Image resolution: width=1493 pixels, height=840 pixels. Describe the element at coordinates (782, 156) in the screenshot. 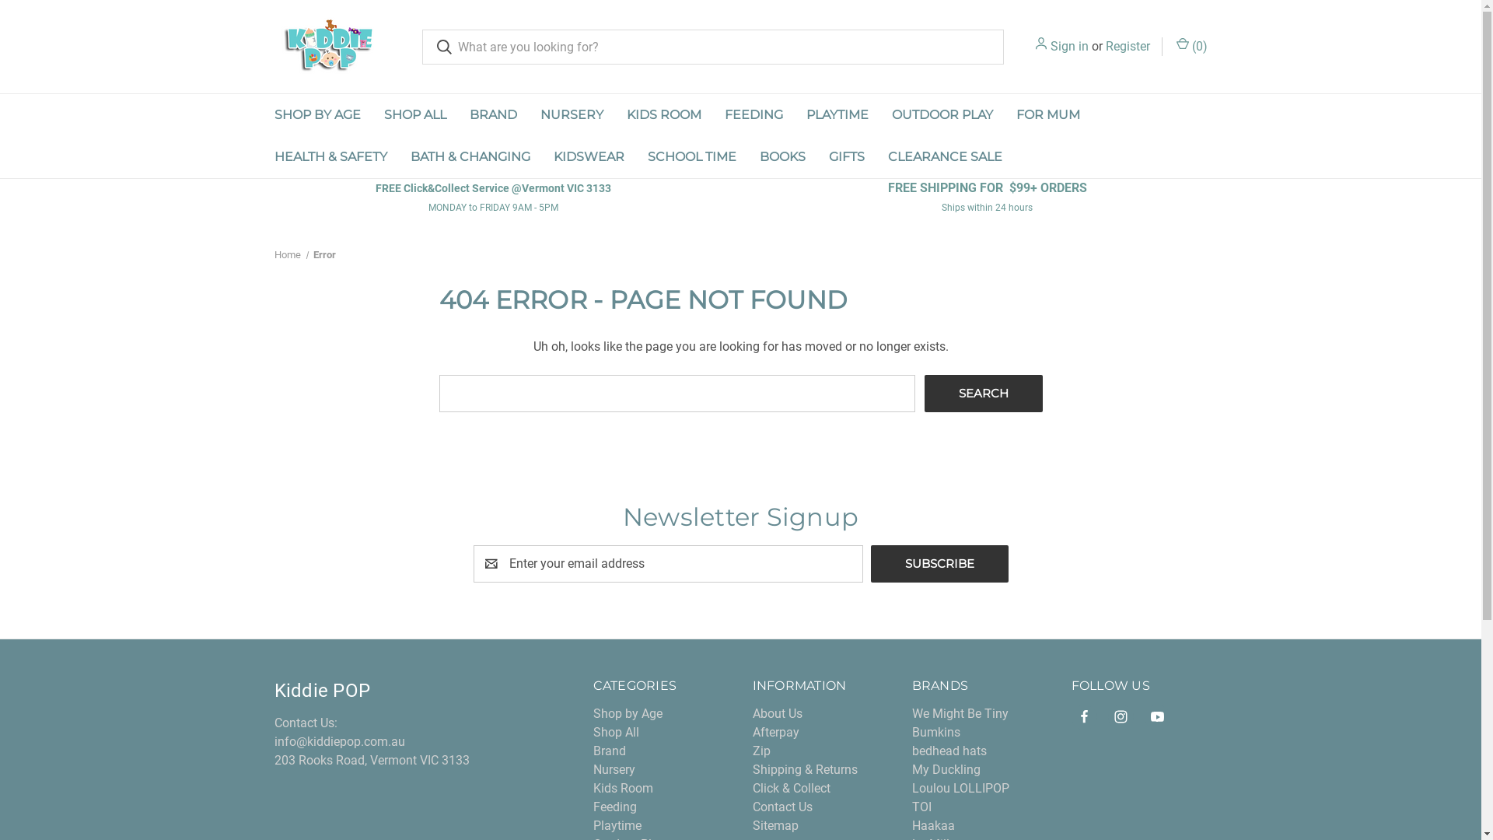

I see `'BOOKS'` at that location.